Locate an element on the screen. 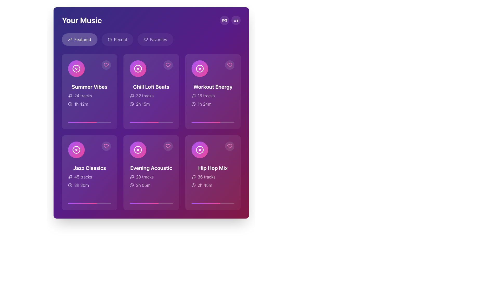  the decorative music type icon located within the 'Workout Energy' card in the top-right corner of the grid layout is located at coordinates (199, 68).